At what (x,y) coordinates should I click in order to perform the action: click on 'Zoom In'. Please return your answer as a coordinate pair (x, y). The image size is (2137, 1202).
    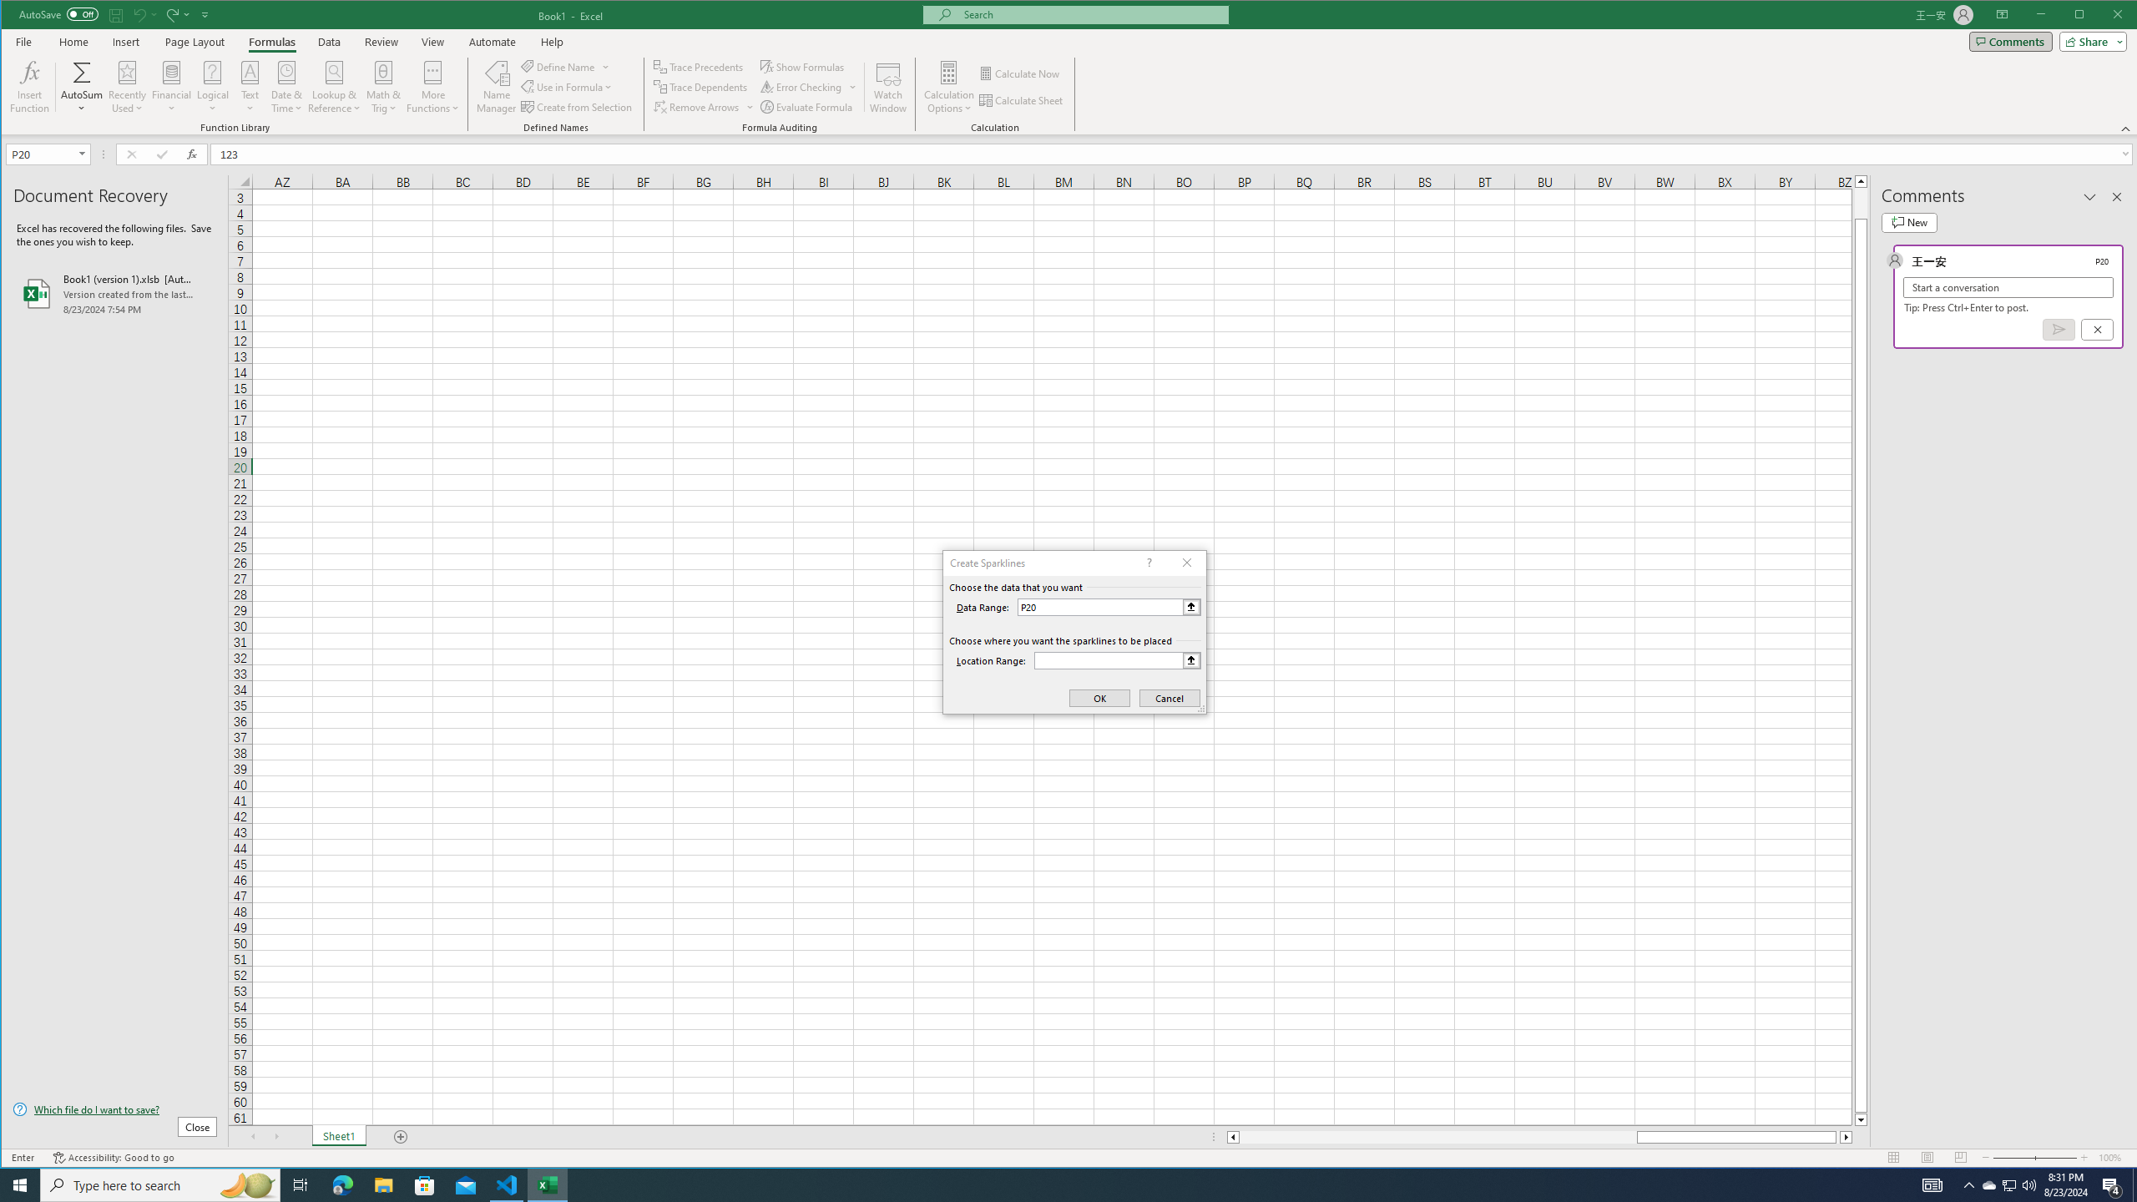
    Looking at the image, I should click on (2084, 1157).